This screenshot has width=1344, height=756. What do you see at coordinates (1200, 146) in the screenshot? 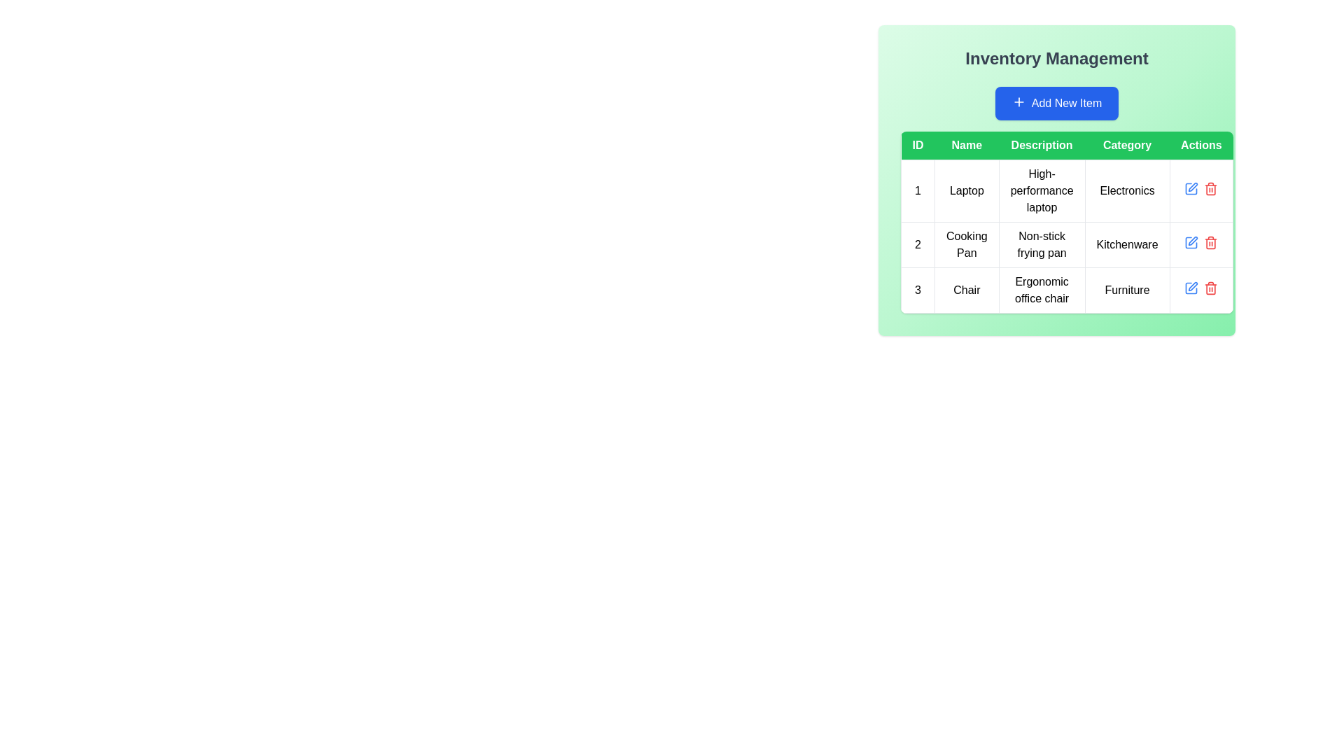
I see `the 'Actions' text label, the fifth header in the table under the blue-green section labeled 'Inventory Management'` at bounding box center [1200, 146].